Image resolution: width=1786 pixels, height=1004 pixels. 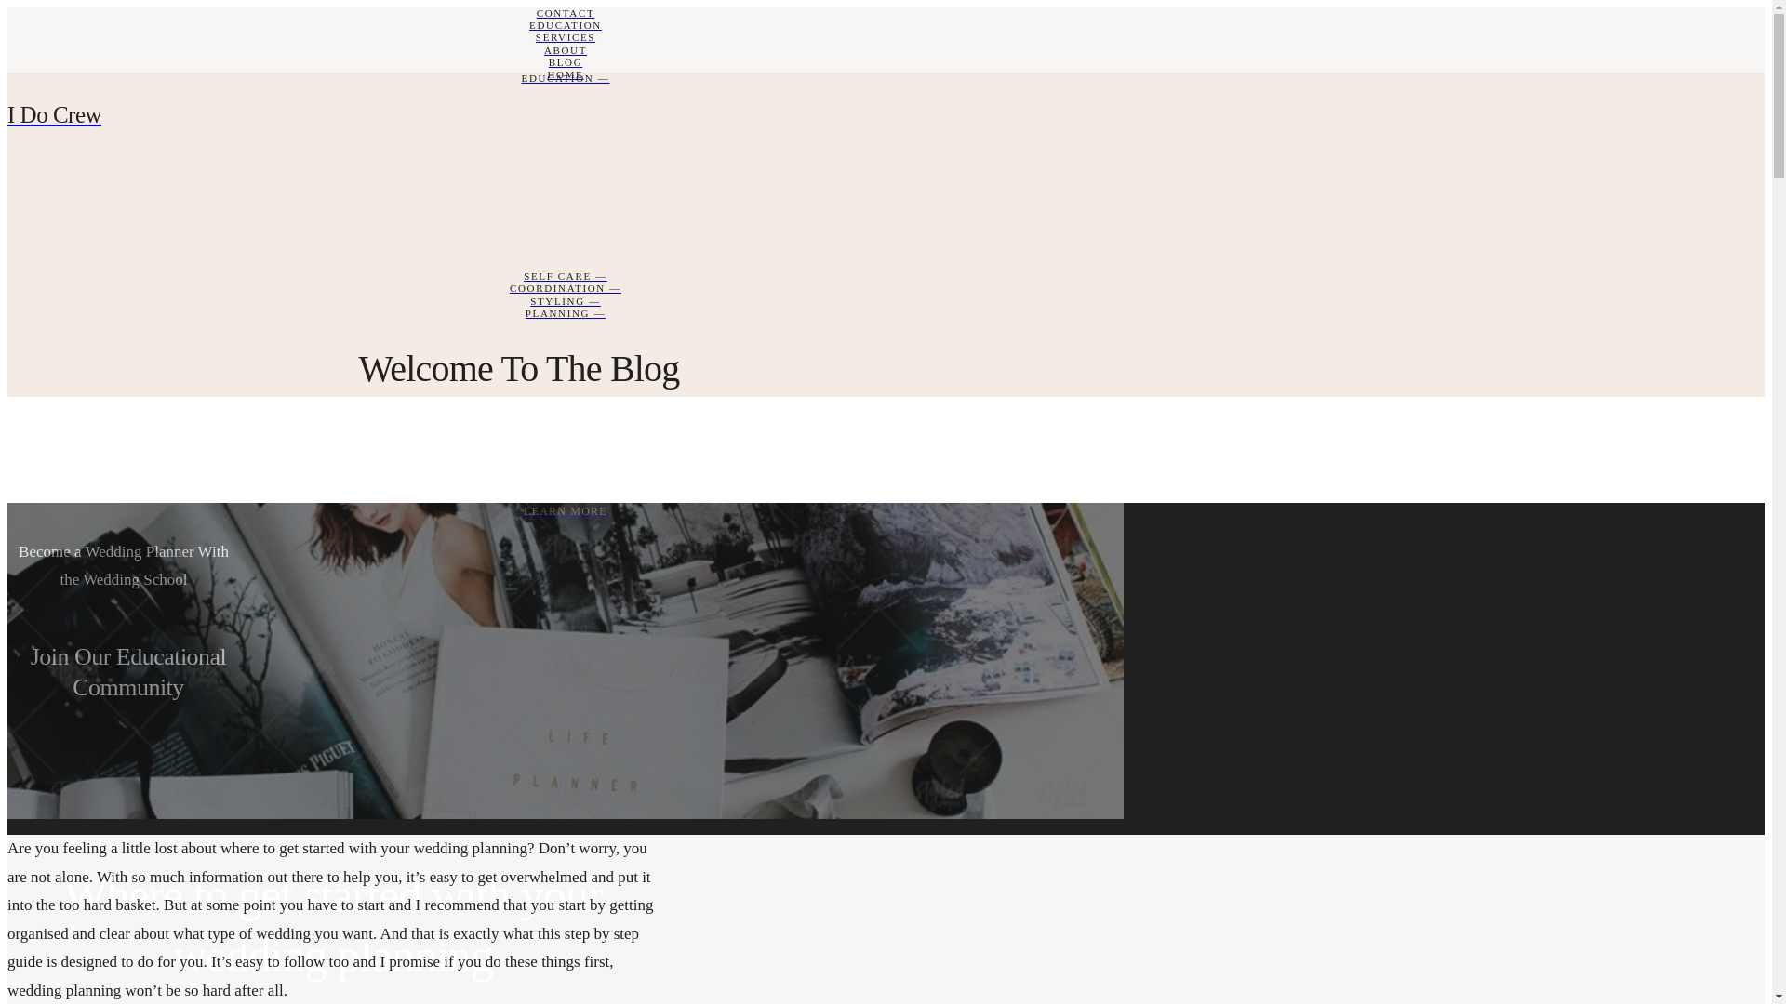 I want to click on 'EDUCATION', so click(x=565, y=25).